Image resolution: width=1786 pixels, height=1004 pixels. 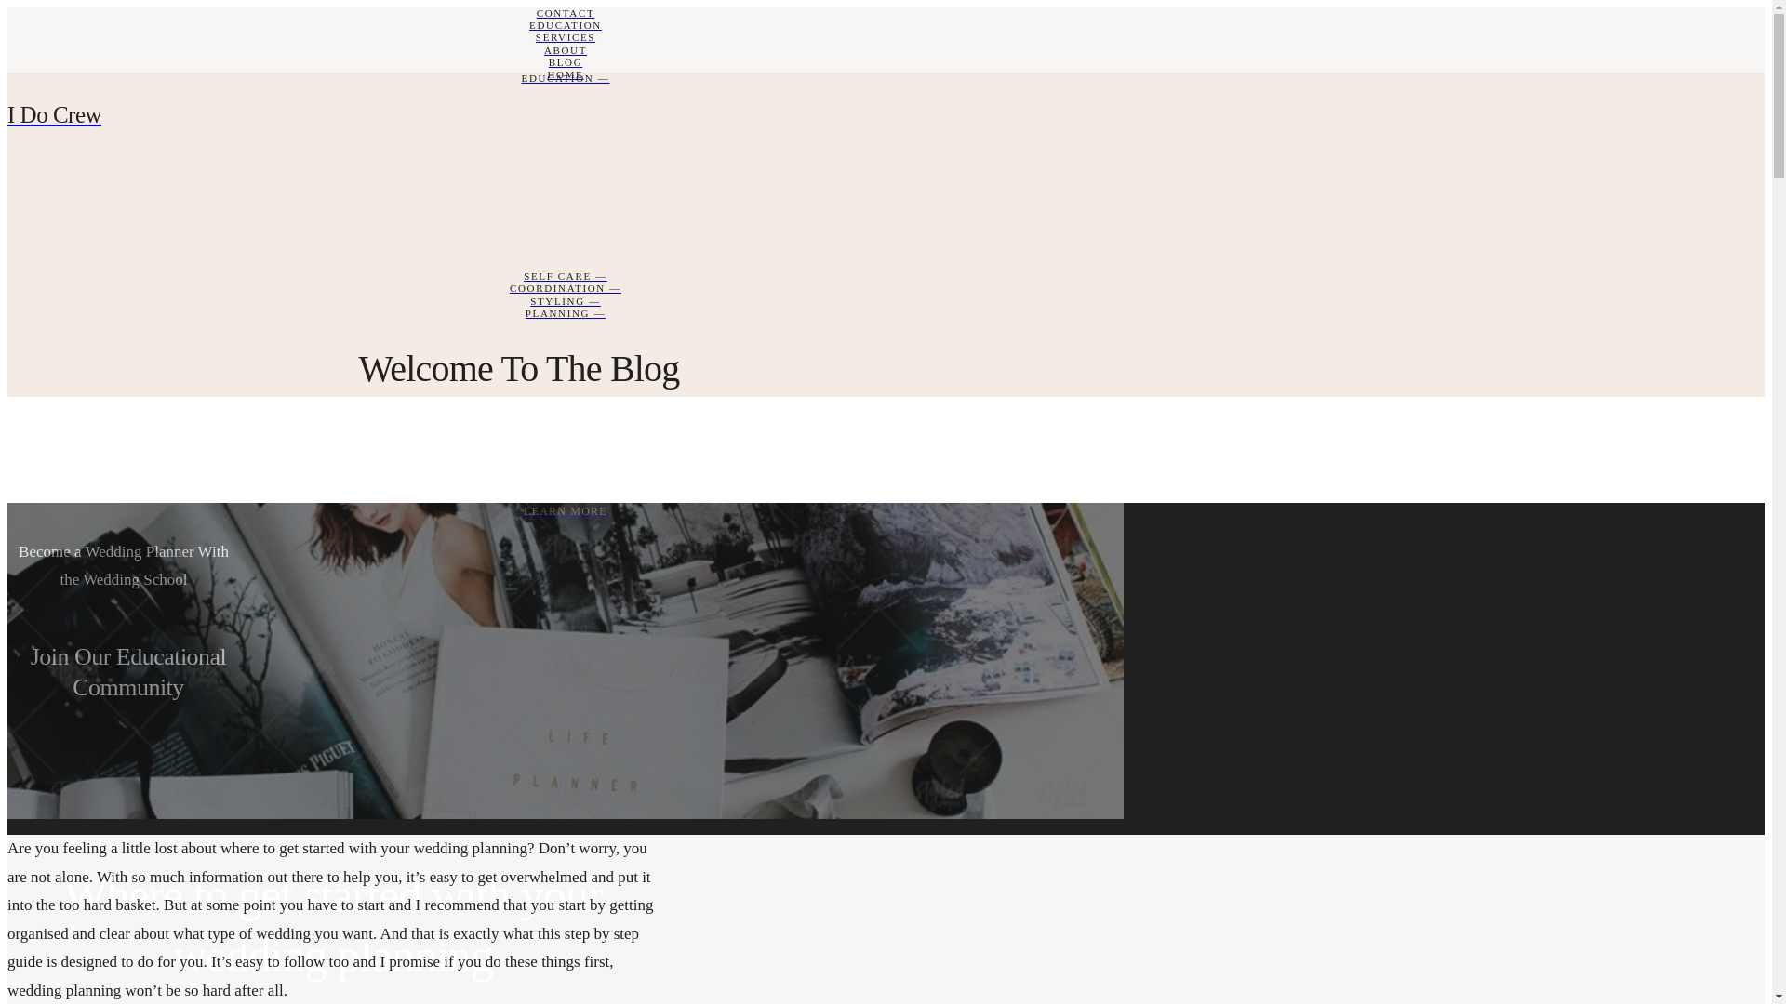 I want to click on 'EDUCATION', so click(x=565, y=25).